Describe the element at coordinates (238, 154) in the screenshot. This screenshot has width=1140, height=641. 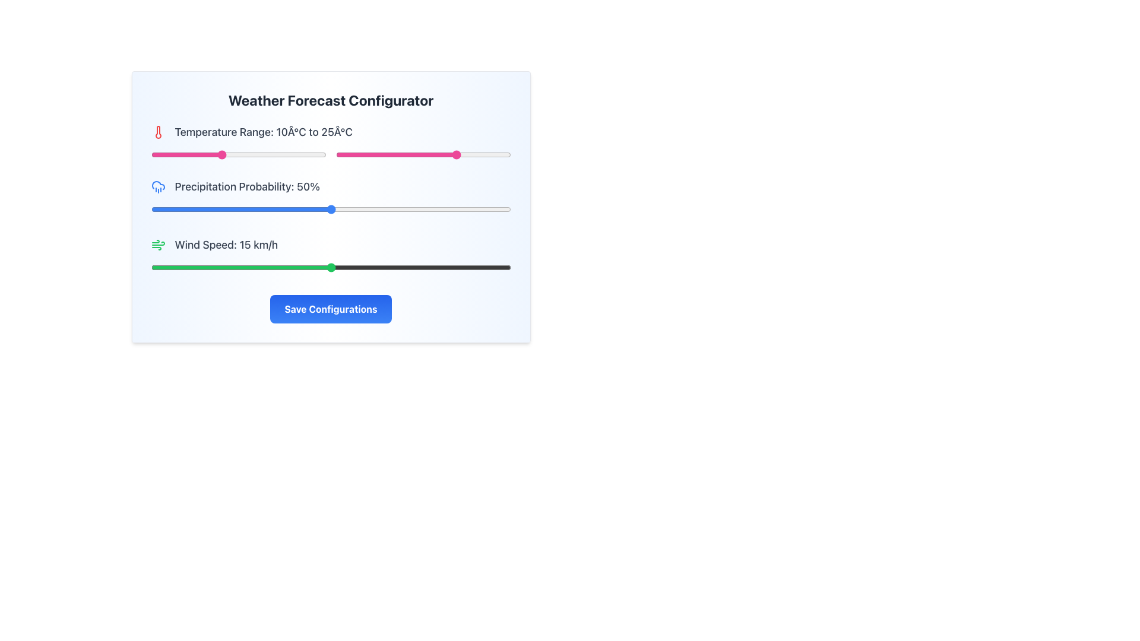
I see `to reposition the thumb control of the first input range slider located under the label 'Temperature Range: 10°C to 25°C'` at that location.